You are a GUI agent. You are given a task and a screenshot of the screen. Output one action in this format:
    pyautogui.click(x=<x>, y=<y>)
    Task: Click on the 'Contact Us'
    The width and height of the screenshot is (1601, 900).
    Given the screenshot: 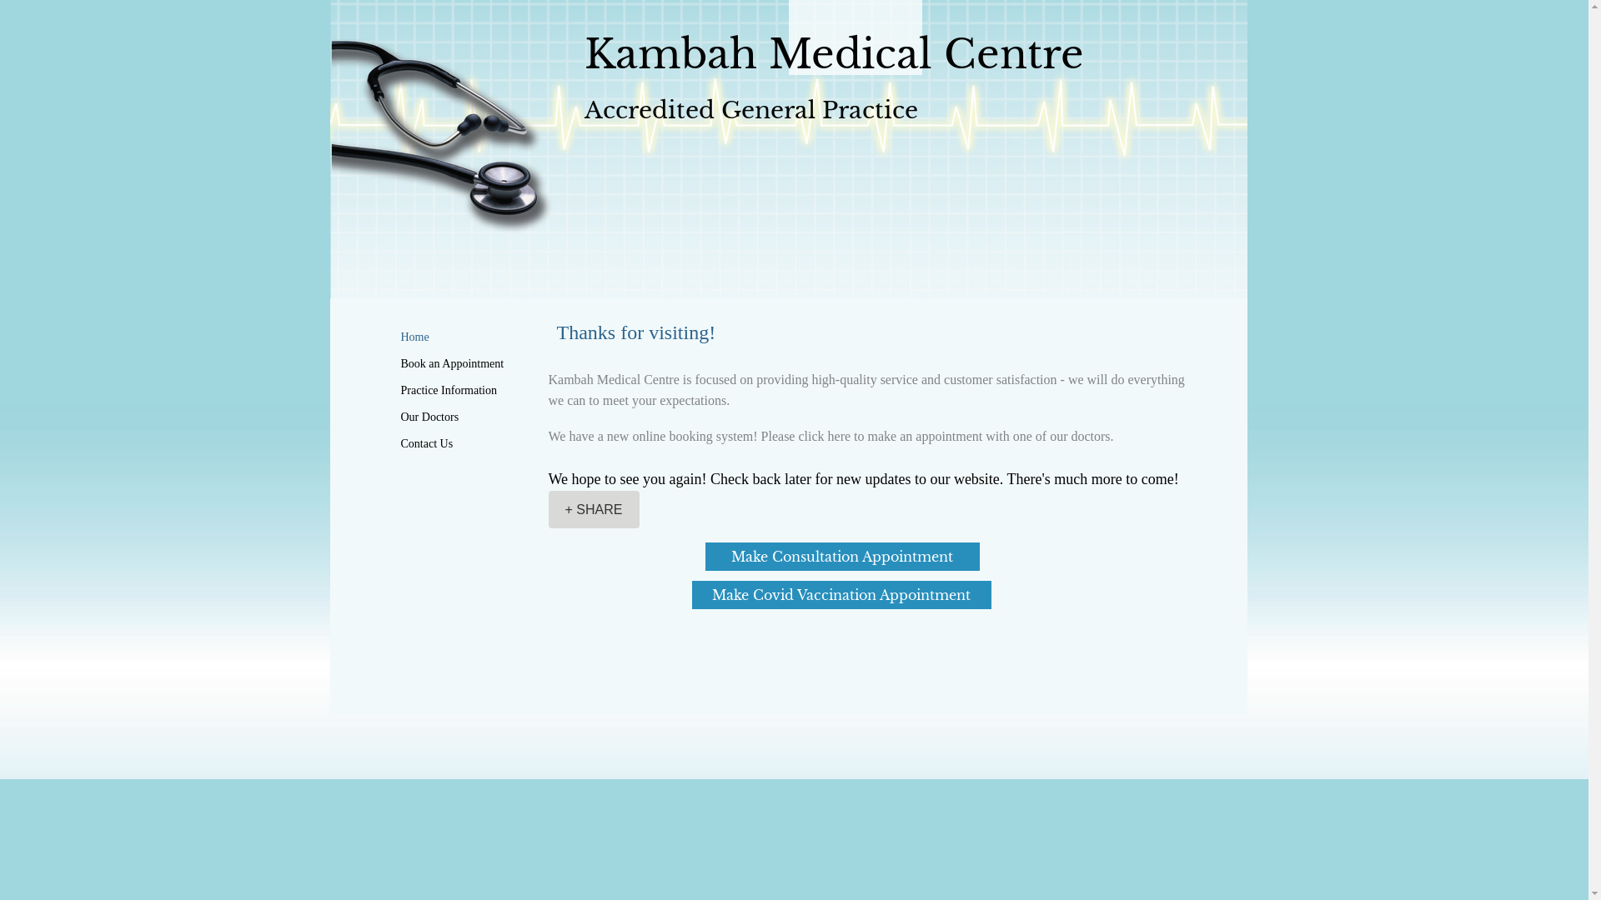 What is the action you would take?
    pyautogui.click(x=426, y=442)
    